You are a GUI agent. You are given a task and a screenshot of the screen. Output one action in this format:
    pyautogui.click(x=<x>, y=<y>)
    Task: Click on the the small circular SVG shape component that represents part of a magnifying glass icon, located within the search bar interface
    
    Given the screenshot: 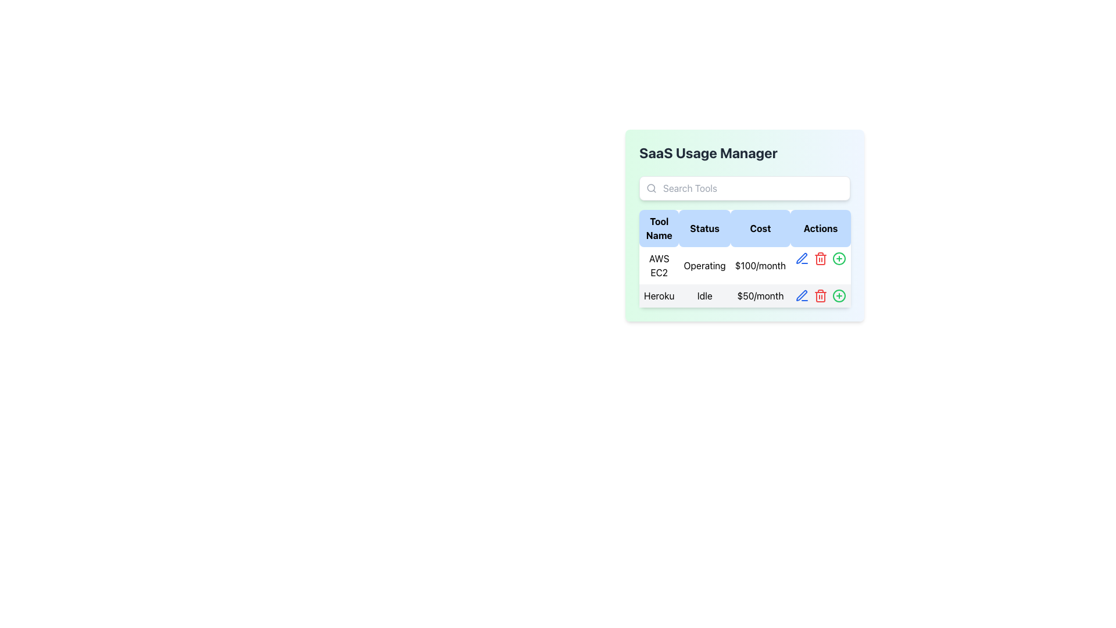 What is the action you would take?
    pyautogui.click(x=651, y=187)
    